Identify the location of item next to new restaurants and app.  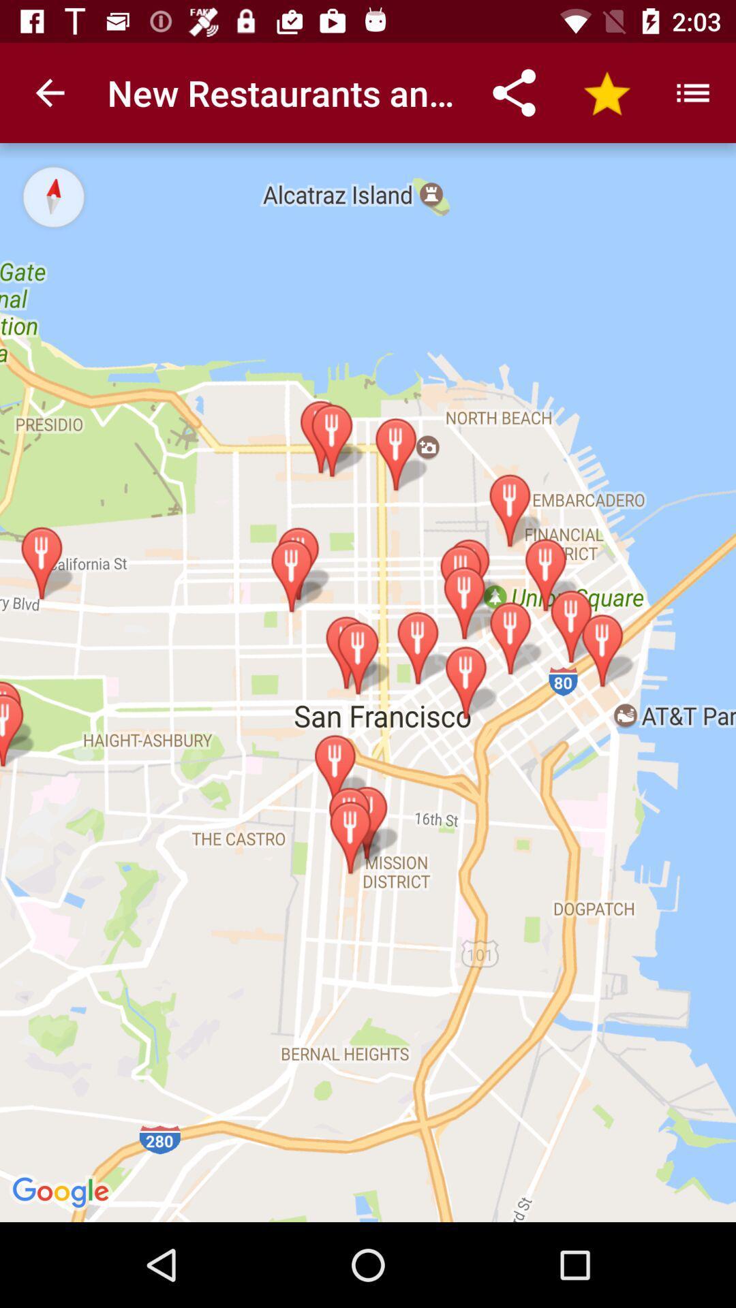
(49, 92).